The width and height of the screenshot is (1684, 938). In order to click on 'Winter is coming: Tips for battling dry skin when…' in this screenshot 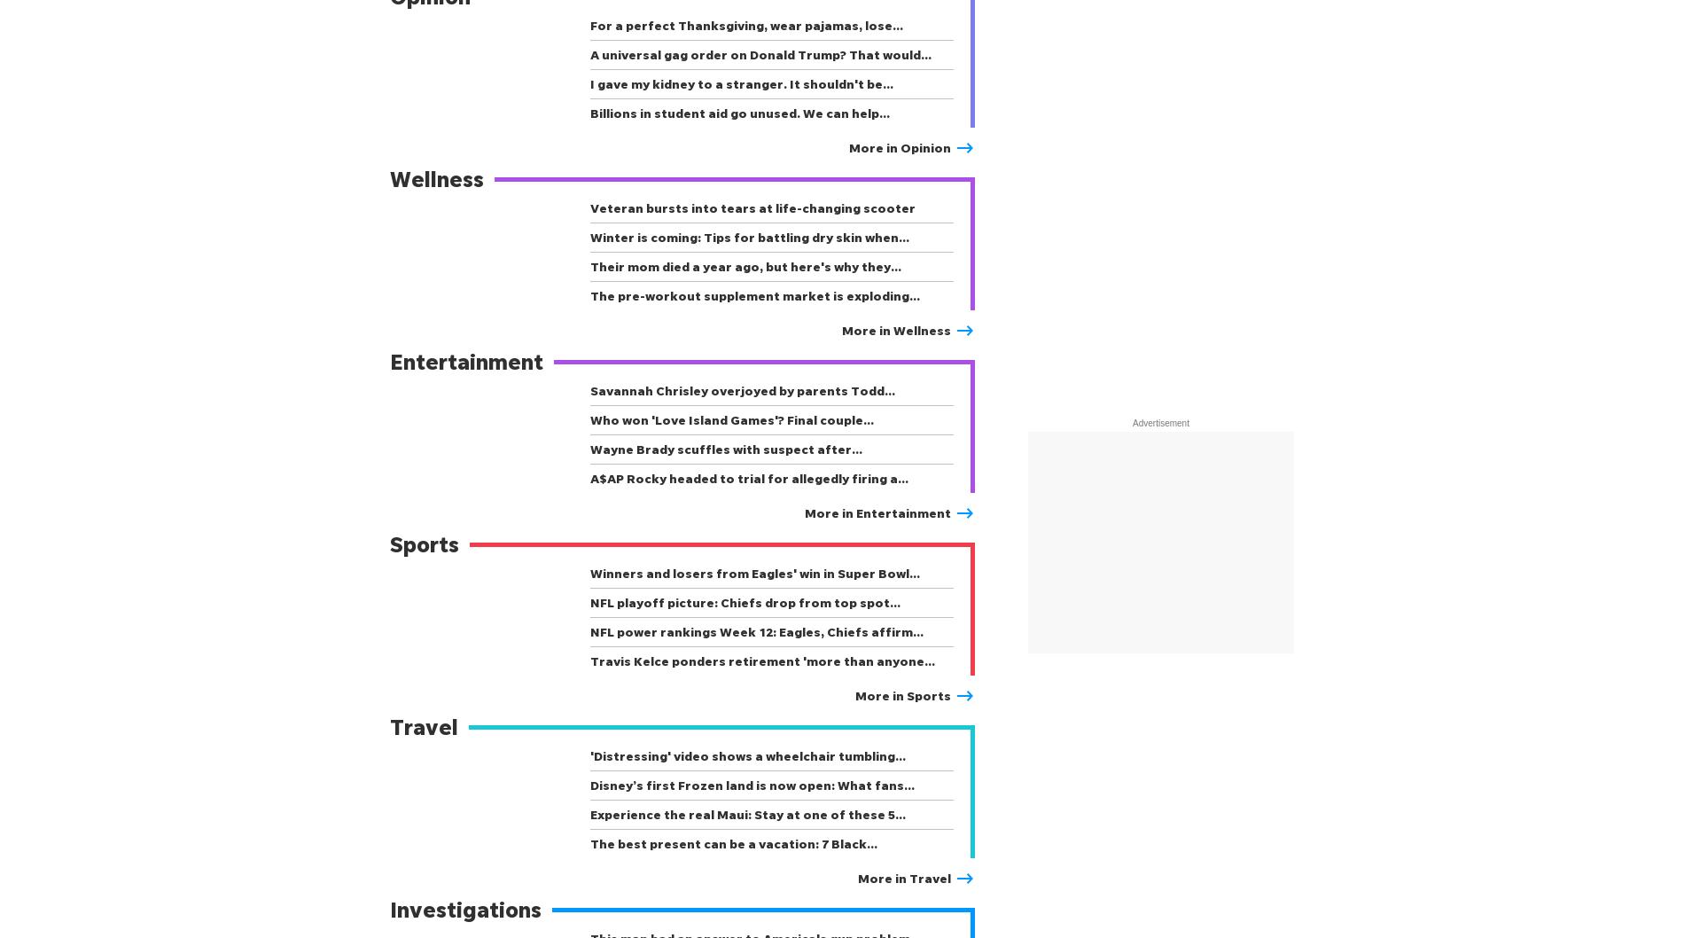, I will do `click(749, 236)`.